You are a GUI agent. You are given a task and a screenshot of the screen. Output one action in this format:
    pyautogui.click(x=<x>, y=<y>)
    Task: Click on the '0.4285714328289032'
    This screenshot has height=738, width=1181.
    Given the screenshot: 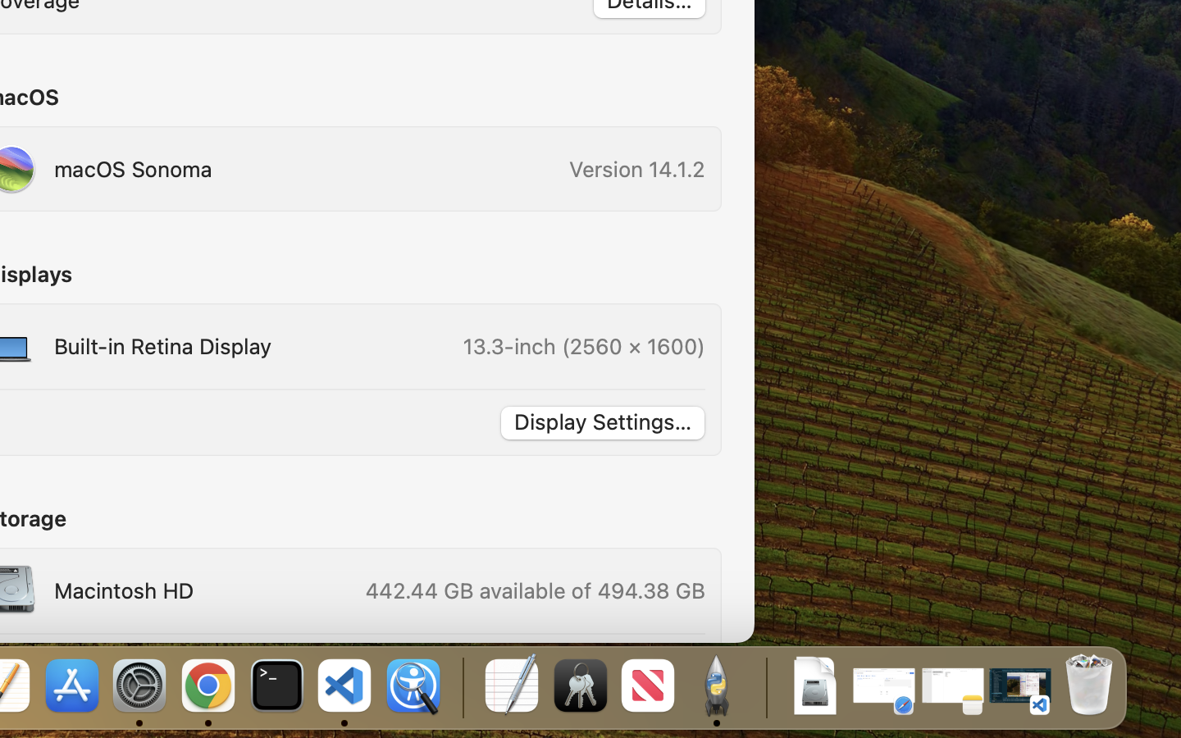 What is the action you would take?
    pyautogui.click(x=461, y=686)
    